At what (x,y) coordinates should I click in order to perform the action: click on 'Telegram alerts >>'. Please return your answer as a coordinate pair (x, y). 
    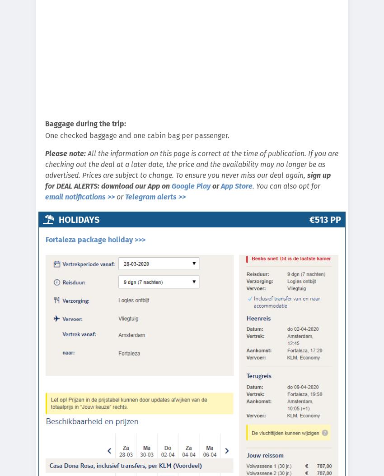
    Looking at the image, I should click on (155, 196).